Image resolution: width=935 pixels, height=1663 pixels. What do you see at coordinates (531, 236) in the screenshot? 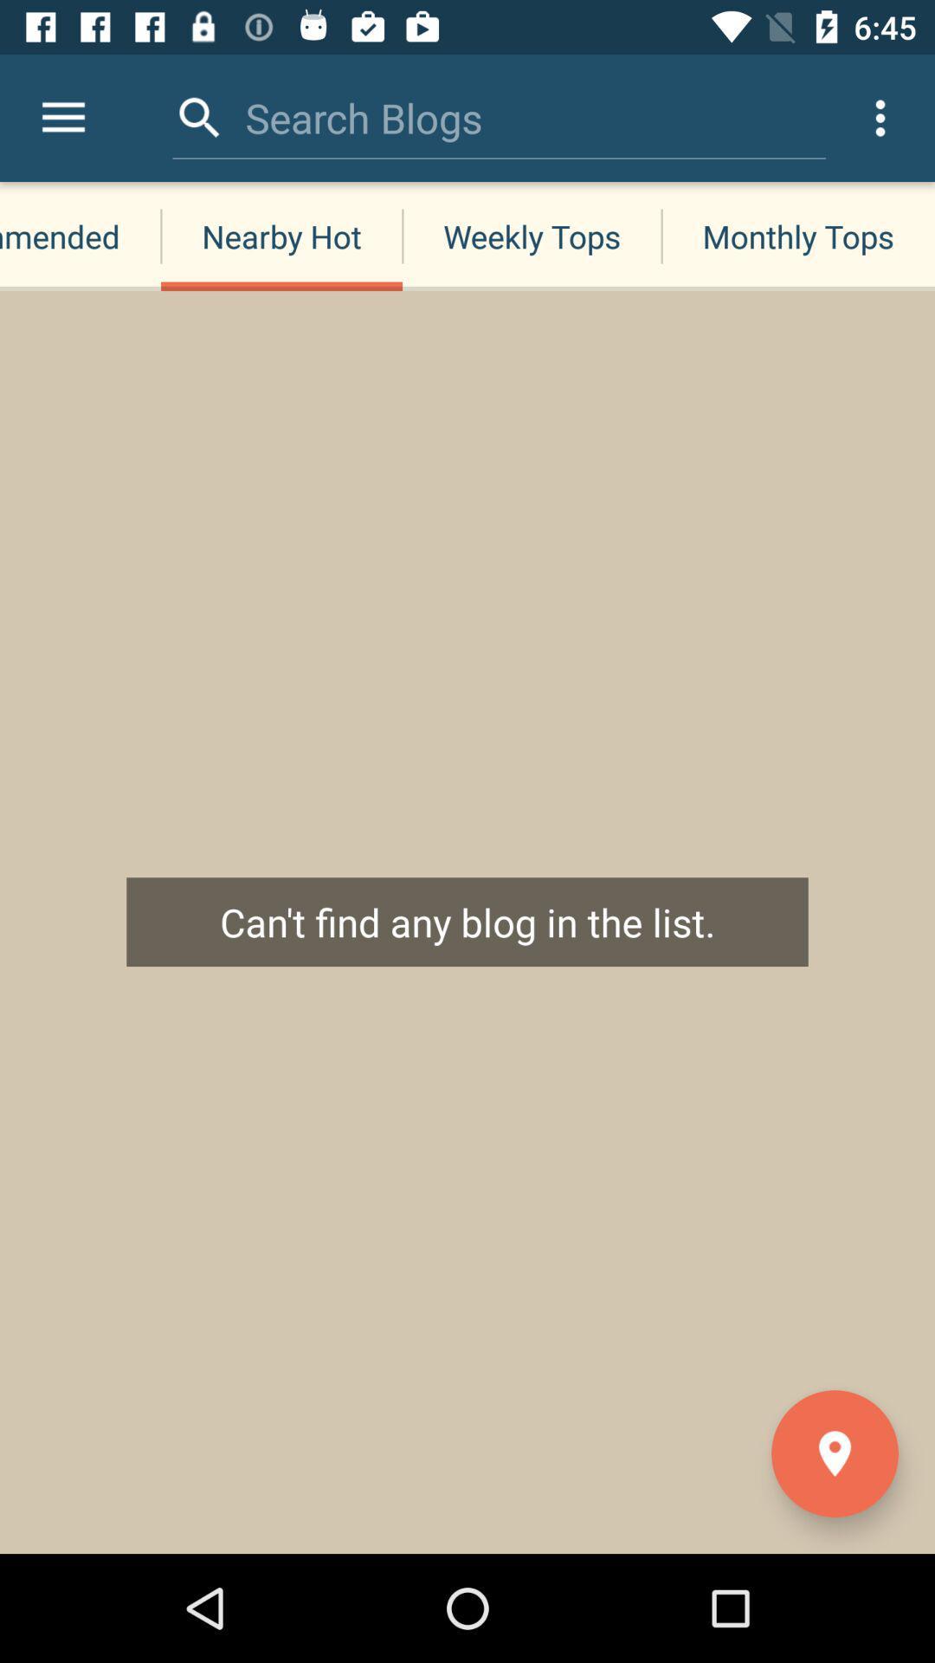
I see `the weekly tops icon` at bounding box center [531, 236].